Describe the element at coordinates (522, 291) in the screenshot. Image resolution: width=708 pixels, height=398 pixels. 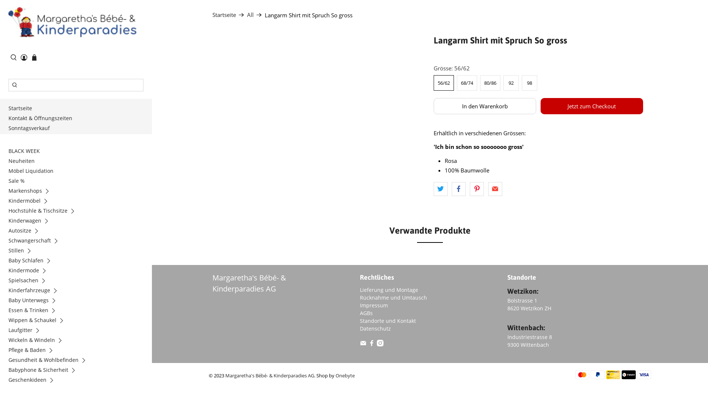
I see `'Wetzikon:'` at that location.